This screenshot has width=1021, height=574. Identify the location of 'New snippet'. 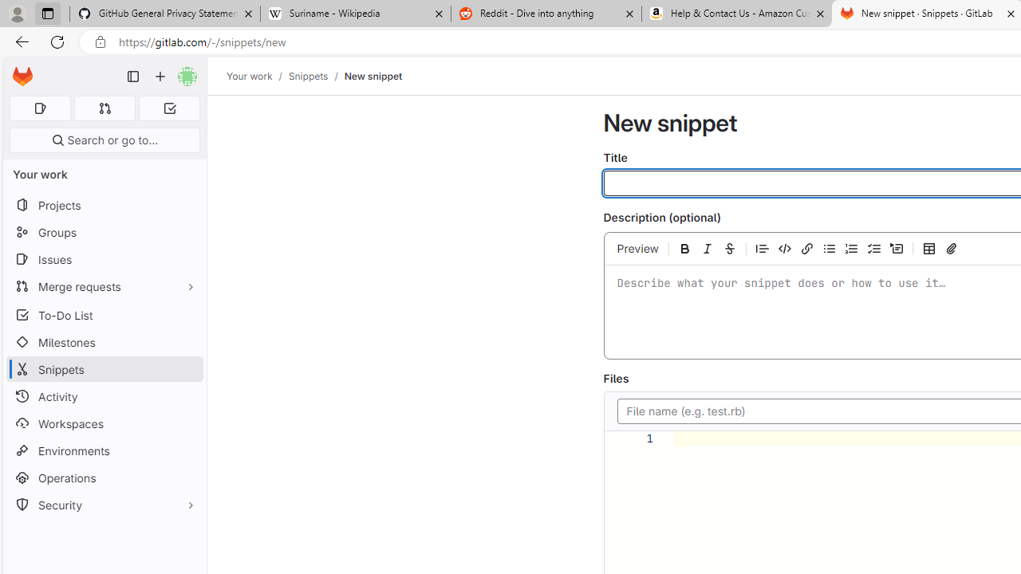
(373, 76).